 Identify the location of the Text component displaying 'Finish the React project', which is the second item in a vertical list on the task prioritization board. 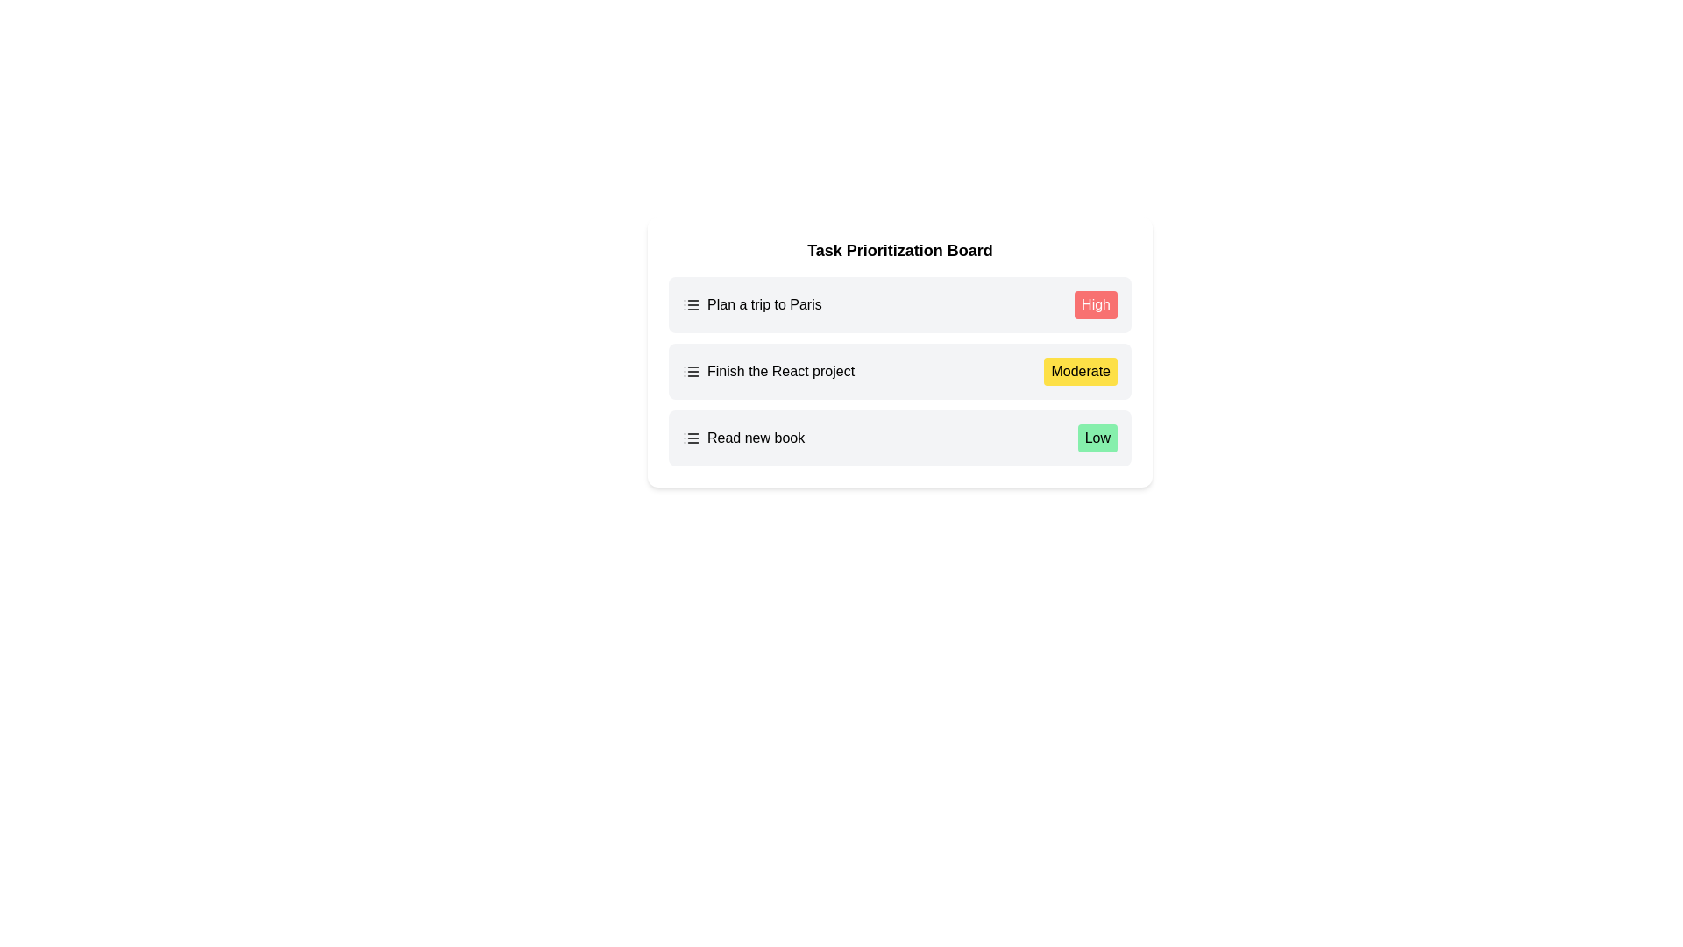
(780, 371).